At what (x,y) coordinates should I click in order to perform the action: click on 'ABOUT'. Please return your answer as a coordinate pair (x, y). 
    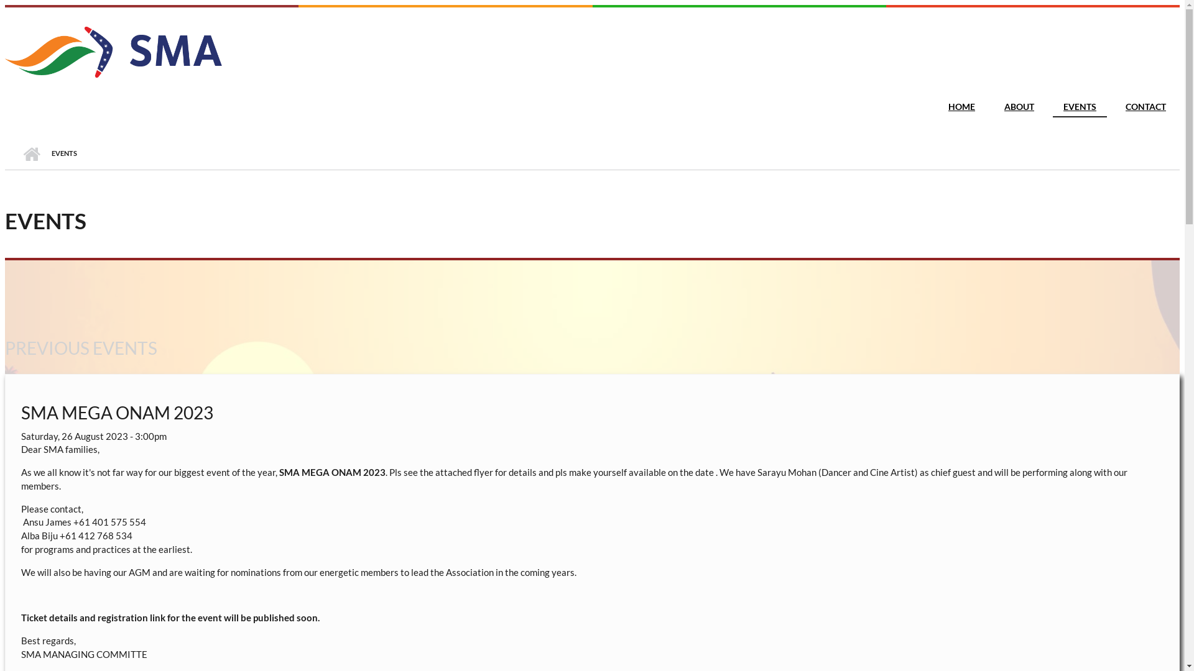
    Looking at the image, I should click on (1019, 106).